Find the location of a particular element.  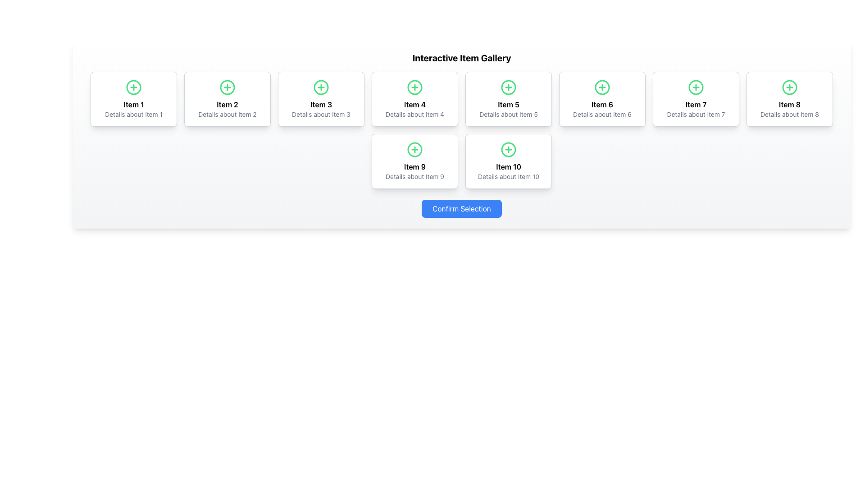

the static text label providing additional information about 'Item 6', located underneath the title within the sixth card of the grid is located at coordinates (602, 114).